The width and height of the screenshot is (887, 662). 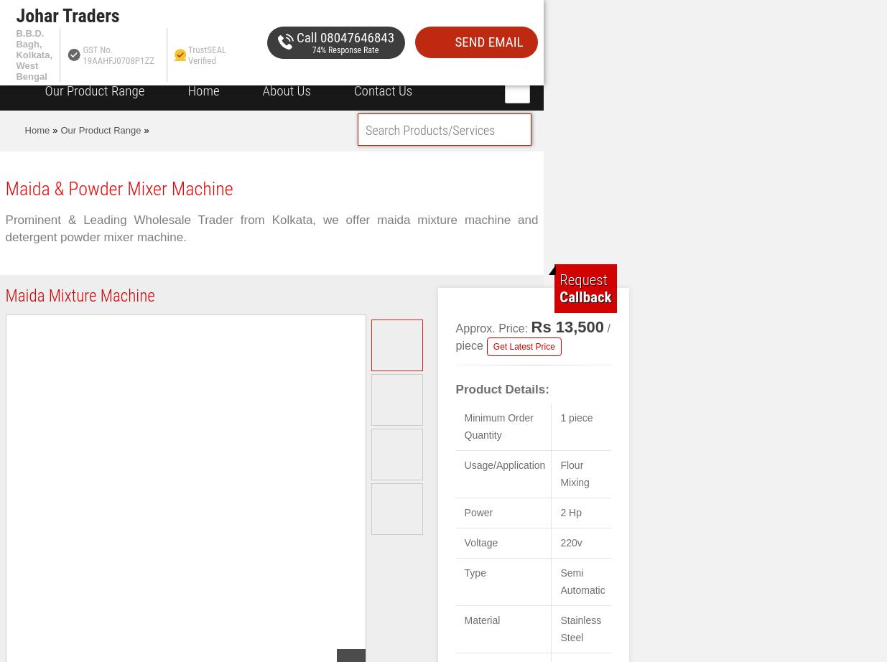 What do you see at coordinates (559, 296) in the screenshot?
I see `'Callback'` at bounding box center [559, 296].